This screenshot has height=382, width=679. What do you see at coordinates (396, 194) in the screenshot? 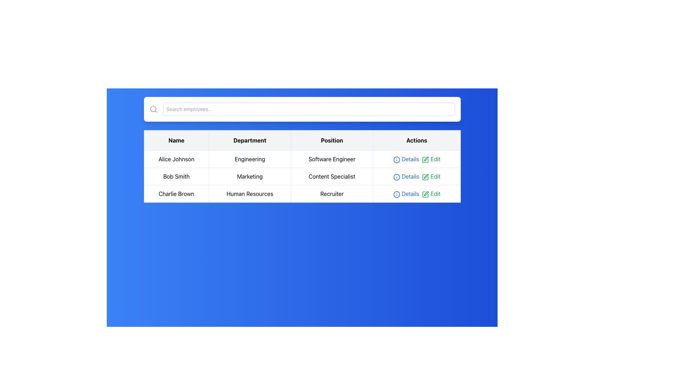
I see `the icon in the Actions column of the third row that indicates the 'Details' action, which is located to the left of the 'Details' text` at bounding box center [396, 194].